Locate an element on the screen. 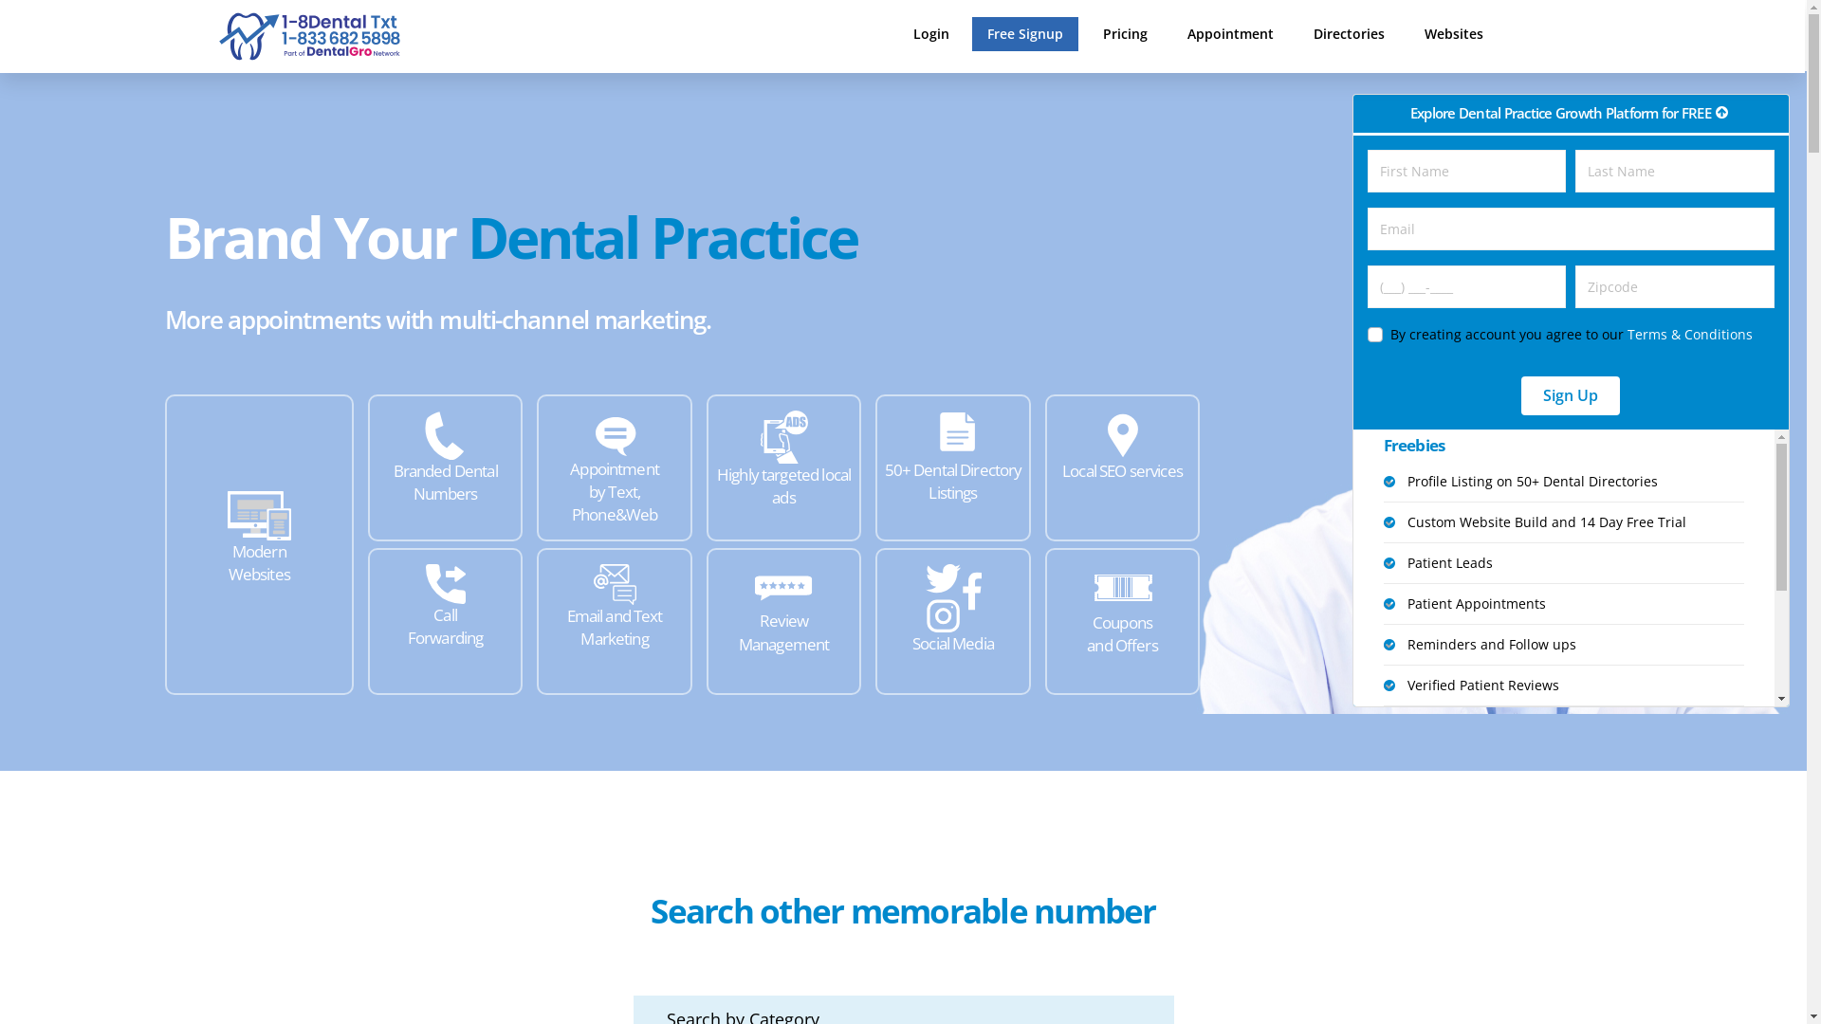 Image resolution: width=1821 pixels, height=1024 pixels. 'Free Signup' is located at coordinates (1023, 33).